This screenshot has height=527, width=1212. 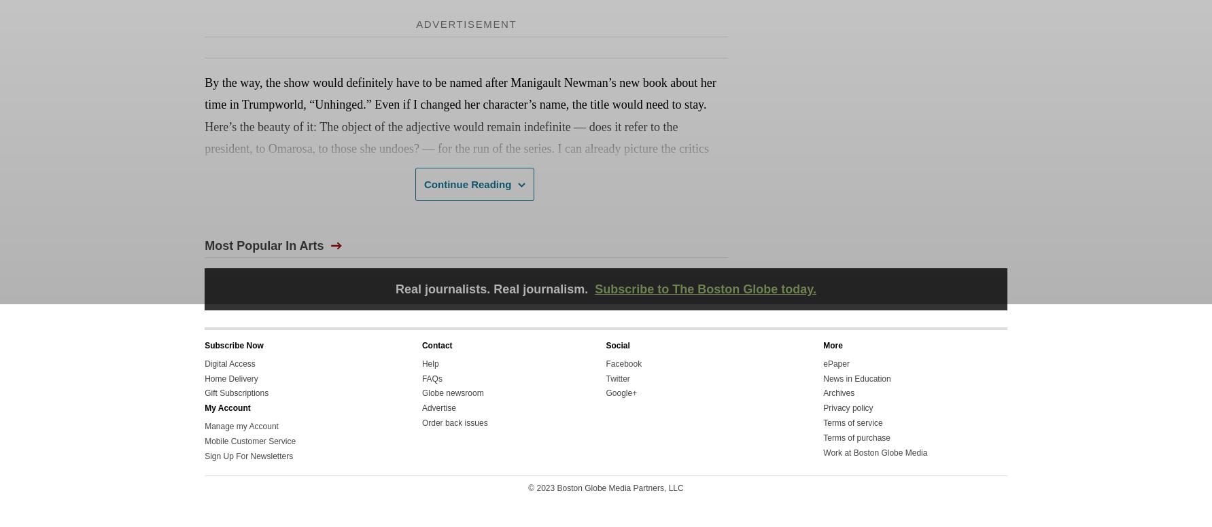 I want to click on 'Social', so click(x=617, y=345).